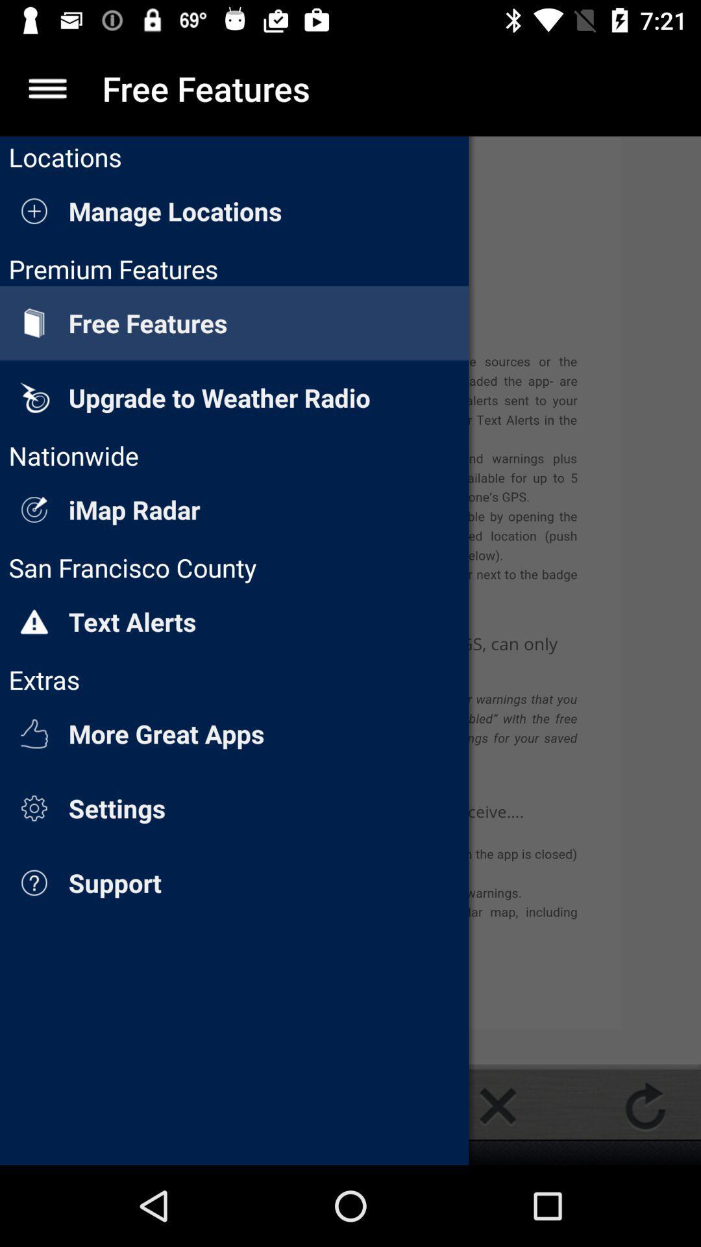  Describe the element at coordinates (497, 1105) in the screenshot. I see `the close icon` at that location.